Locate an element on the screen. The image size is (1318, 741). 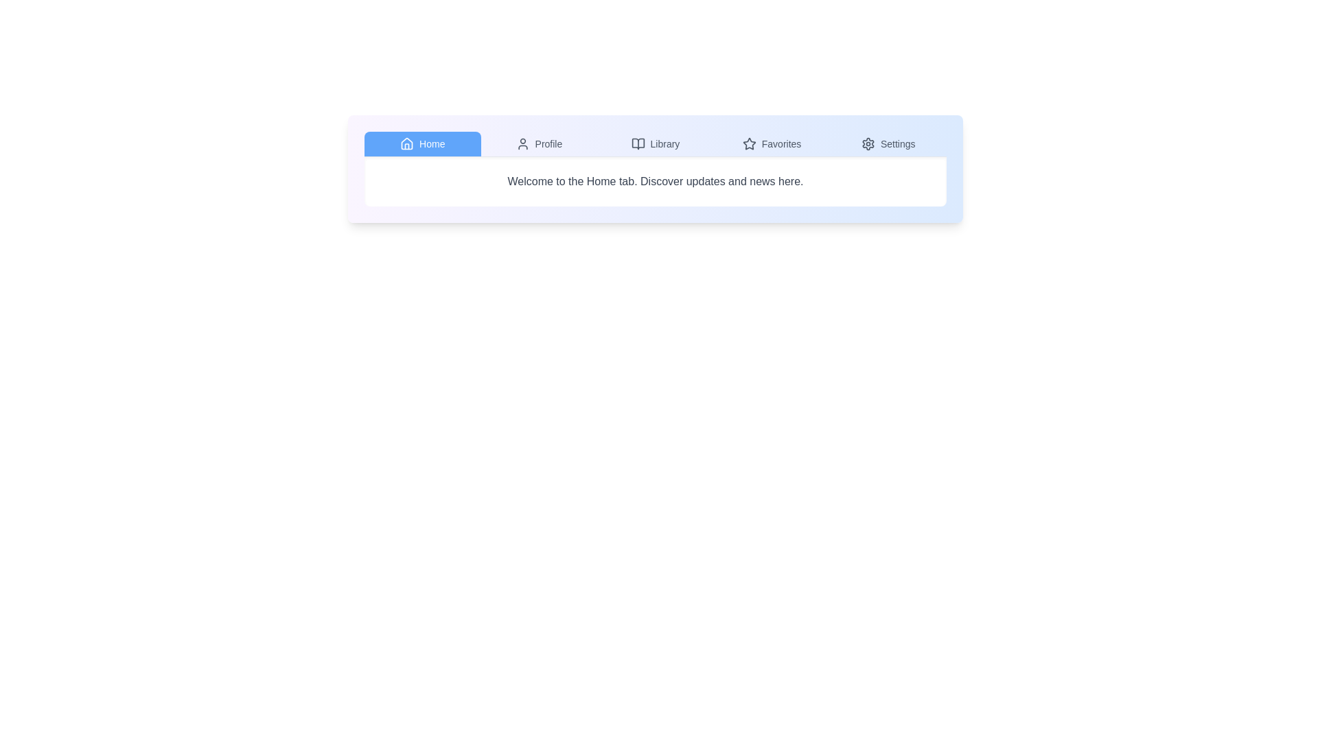
the settings text label located in the top navigation bar, immediately to the right of the settings gear icon is located at coordinates (898, 143).